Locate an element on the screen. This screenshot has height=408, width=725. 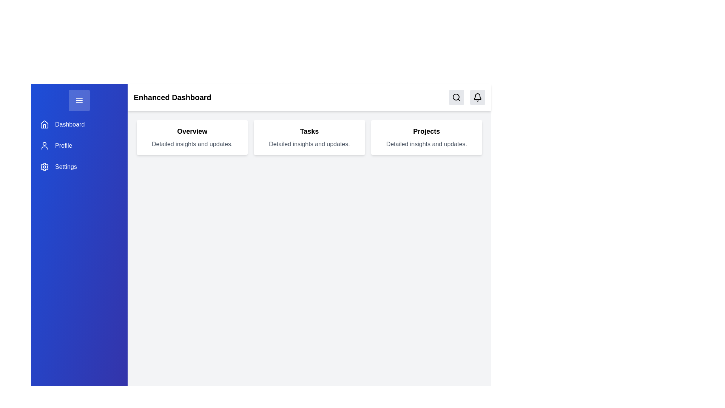
the text label displaying 'Detailed insights and updates.' which is located below the heading 'Tasks' in the middle card of the 'Overview', 'Tasks', and 'Projects' layout is located at coordinates (309, 144).